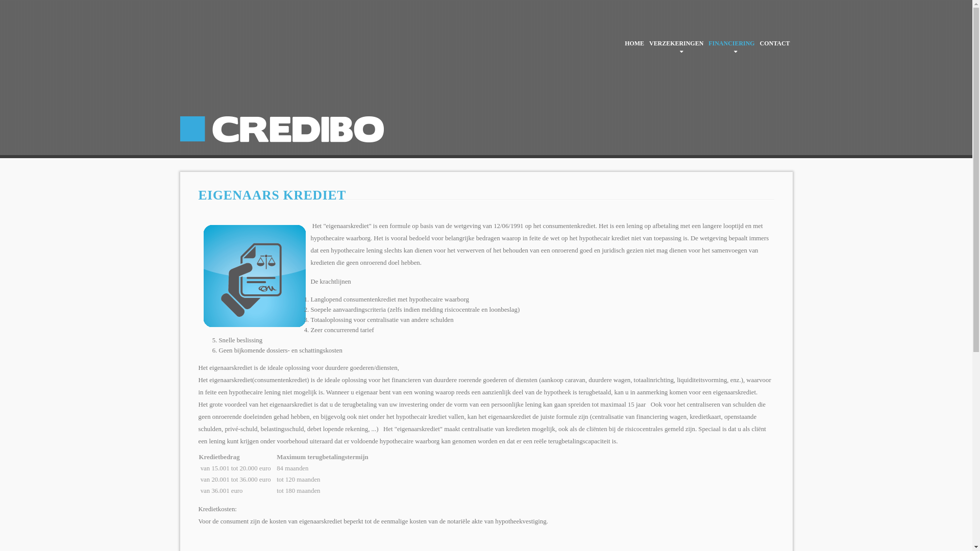 This screenshot has width=980, height=551. What do you see at coordinates (646, 42) in the screenshot?
I see `'VERZEKERINGEN'` at bounding box center [646, 42].